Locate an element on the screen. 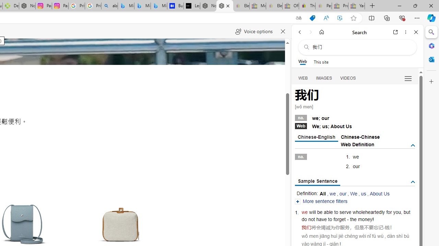  'will' is located at coordinates (312, 212).